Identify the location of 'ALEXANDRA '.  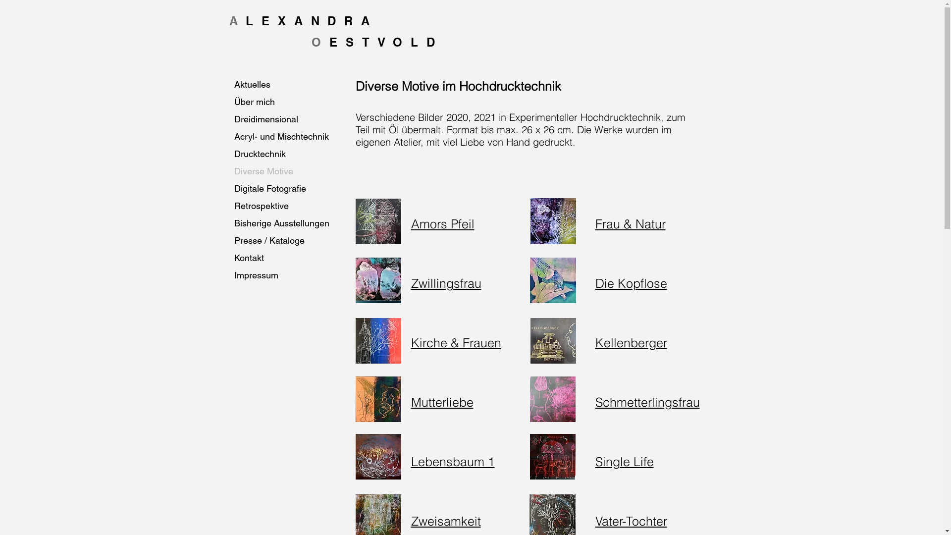
(309, 21).